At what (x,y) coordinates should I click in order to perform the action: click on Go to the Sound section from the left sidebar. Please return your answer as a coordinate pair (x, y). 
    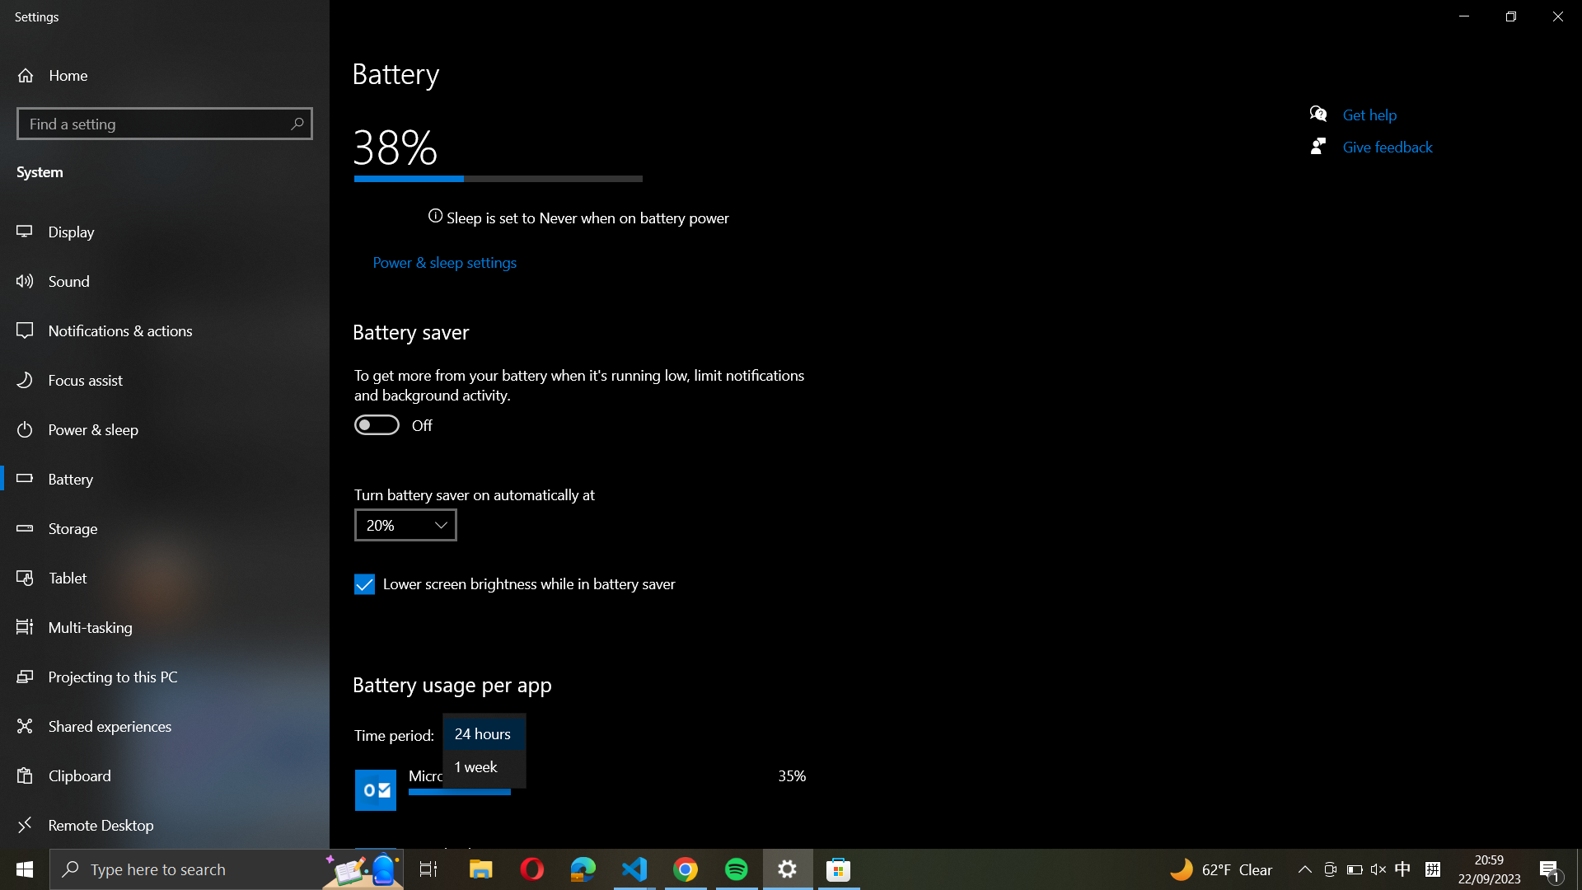
    Looking at the image, I should click on (166, 279).